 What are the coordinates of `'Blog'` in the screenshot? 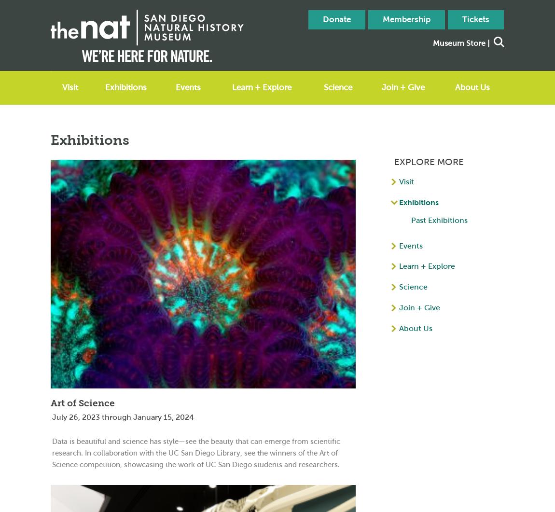 It's located at (455, 125).